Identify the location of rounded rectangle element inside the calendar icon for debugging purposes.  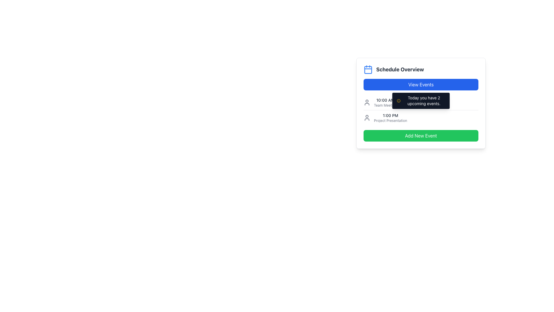
(368, 70).